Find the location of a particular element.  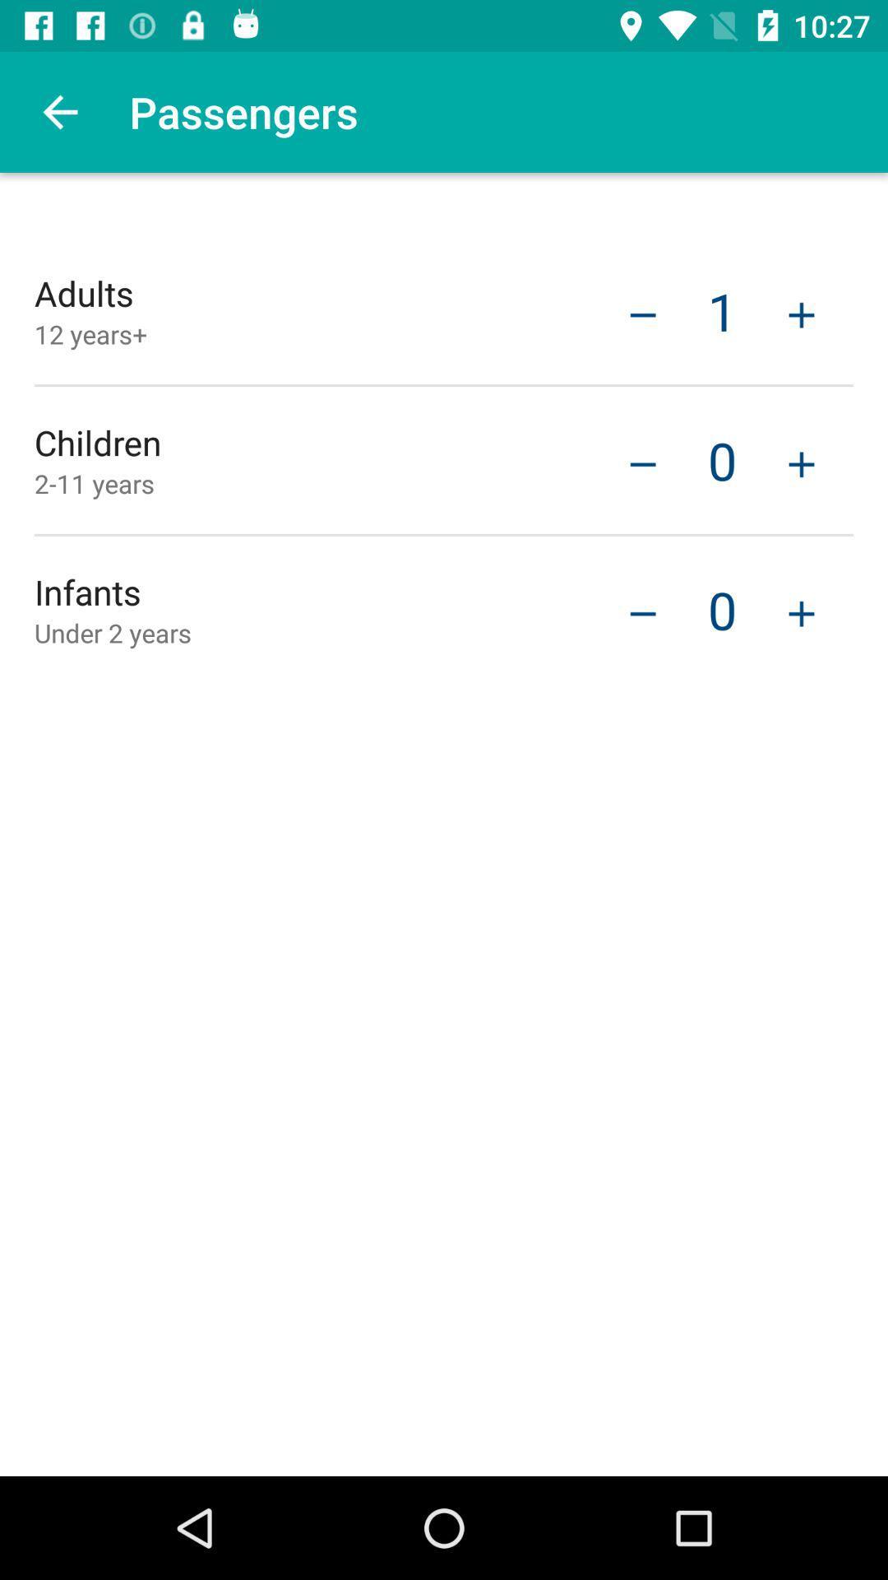

the icon next to 0 item is located at coordinates (642, 611).